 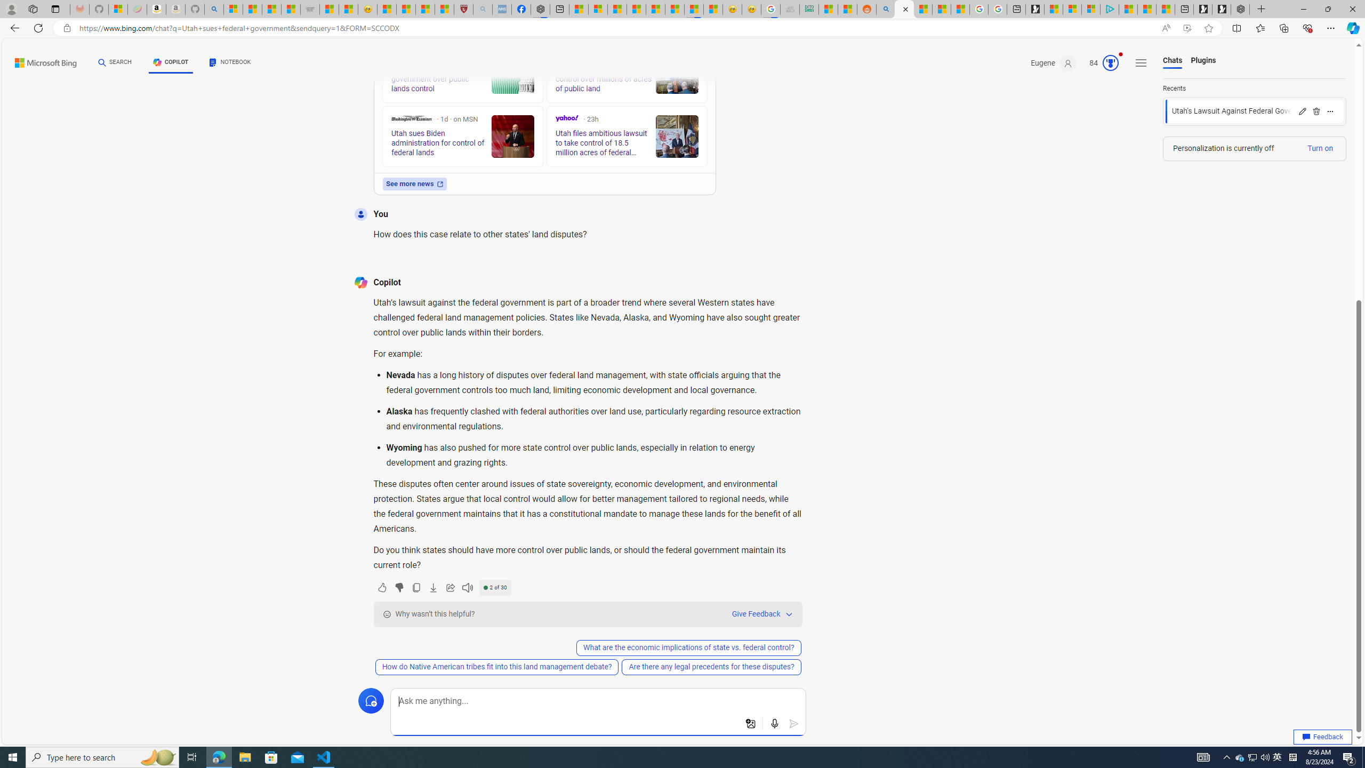 I want to click on 'Turn on', so click(x=1319, y=147).